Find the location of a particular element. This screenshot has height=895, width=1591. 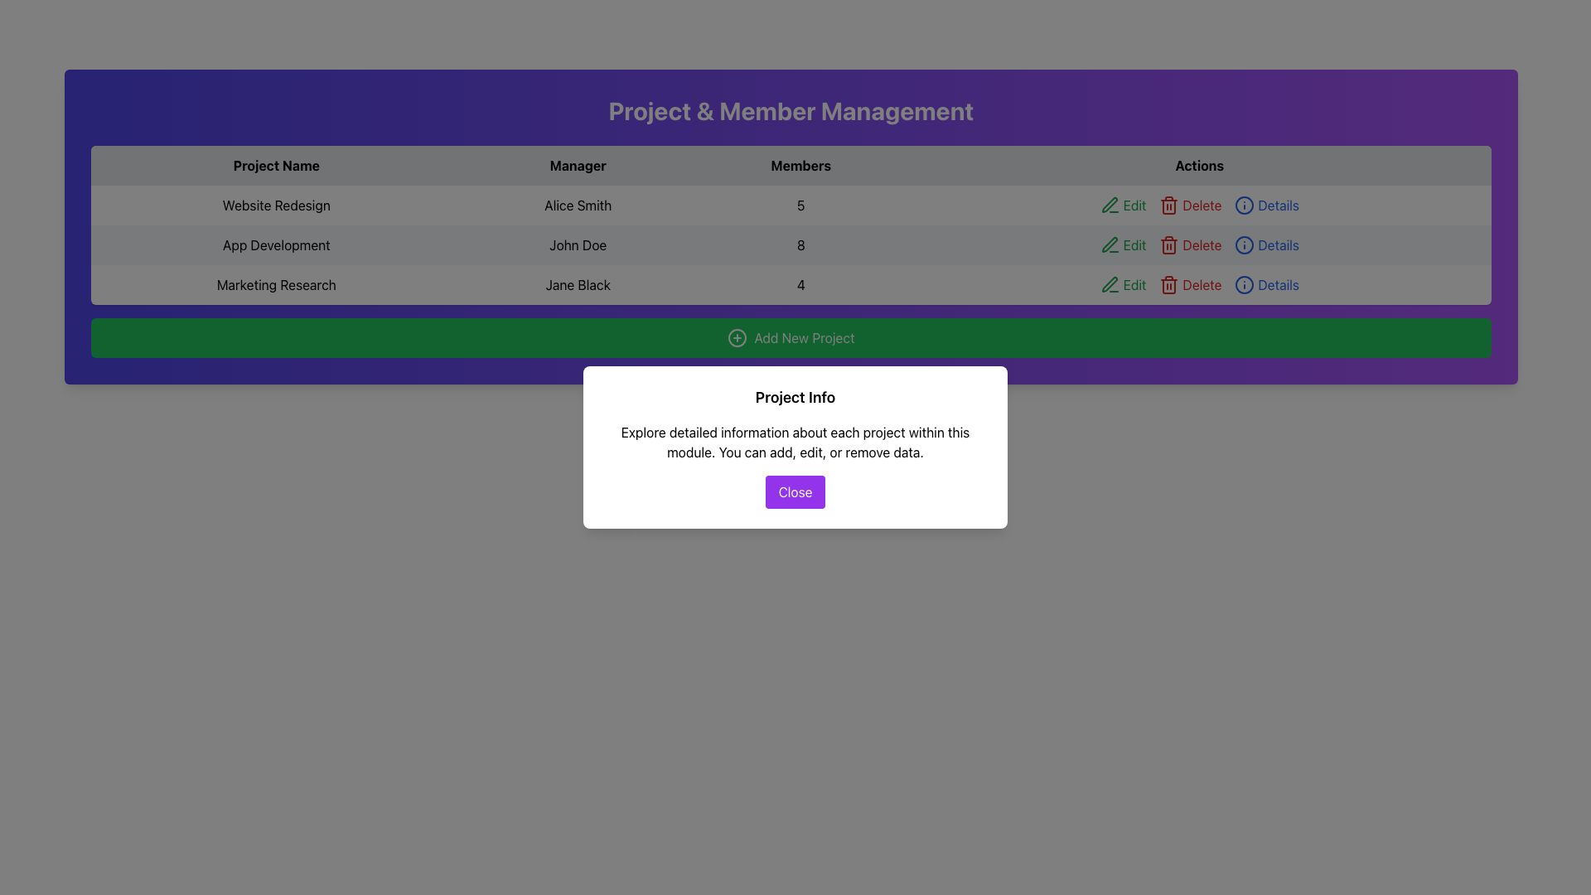

the static text element labeled 'Members' which is the third column header in a table, positioned between 'Manager' and 'Actions' is located at coordinates (800, 166).